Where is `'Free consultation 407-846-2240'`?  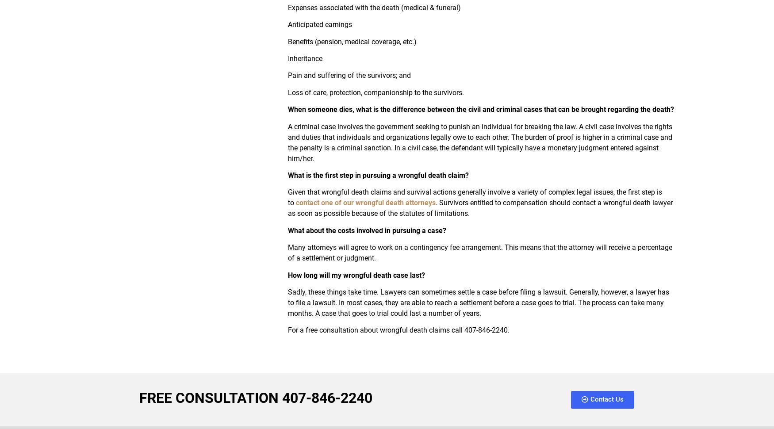 'Free consultation 407-846-2240' is located at coordinates (256, 397).